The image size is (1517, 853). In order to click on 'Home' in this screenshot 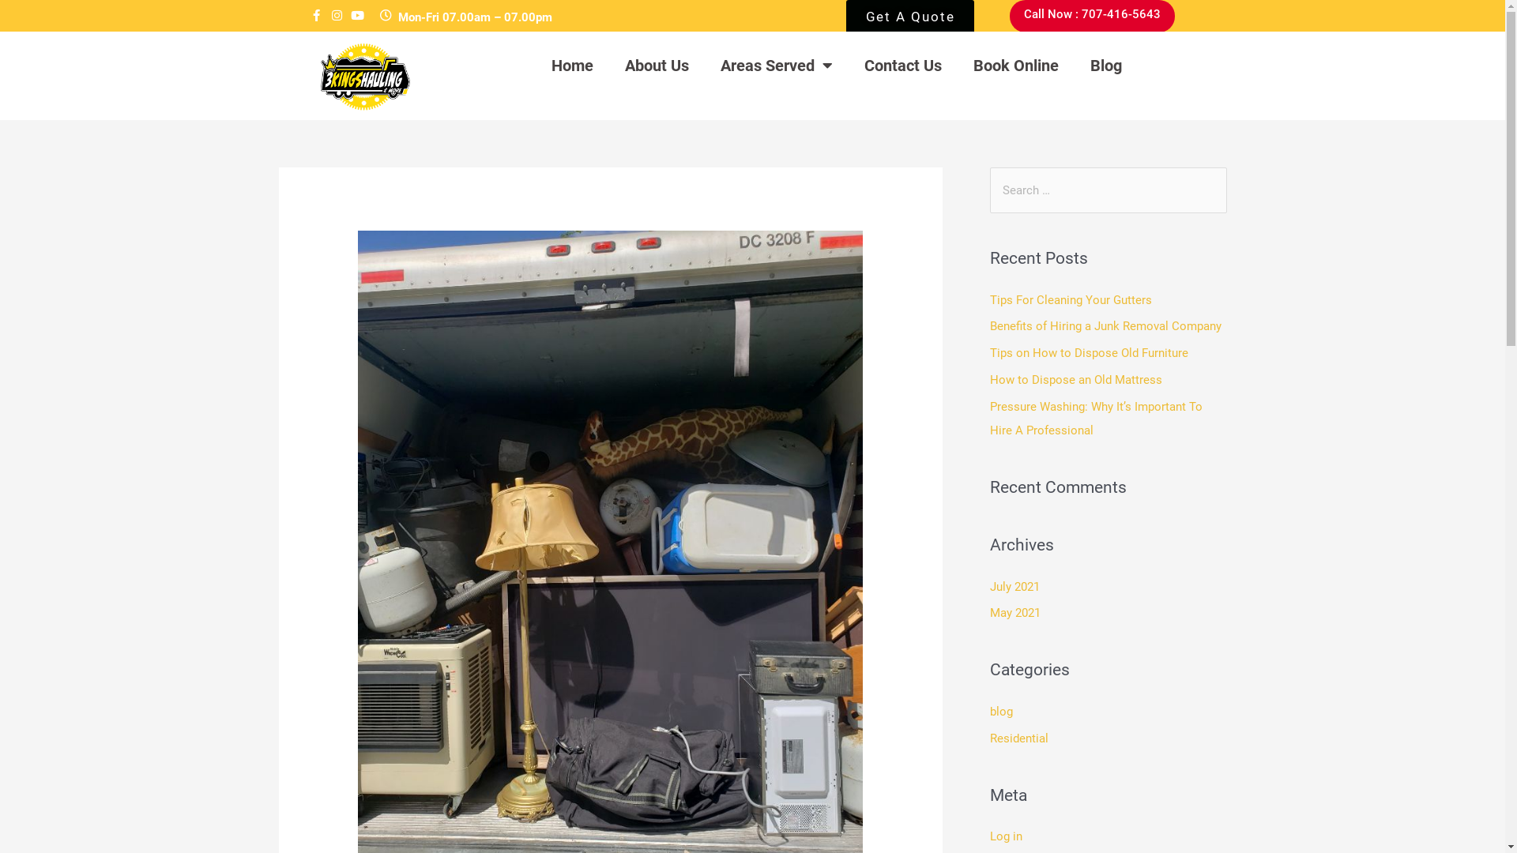, I will do `click(571, 65)`.